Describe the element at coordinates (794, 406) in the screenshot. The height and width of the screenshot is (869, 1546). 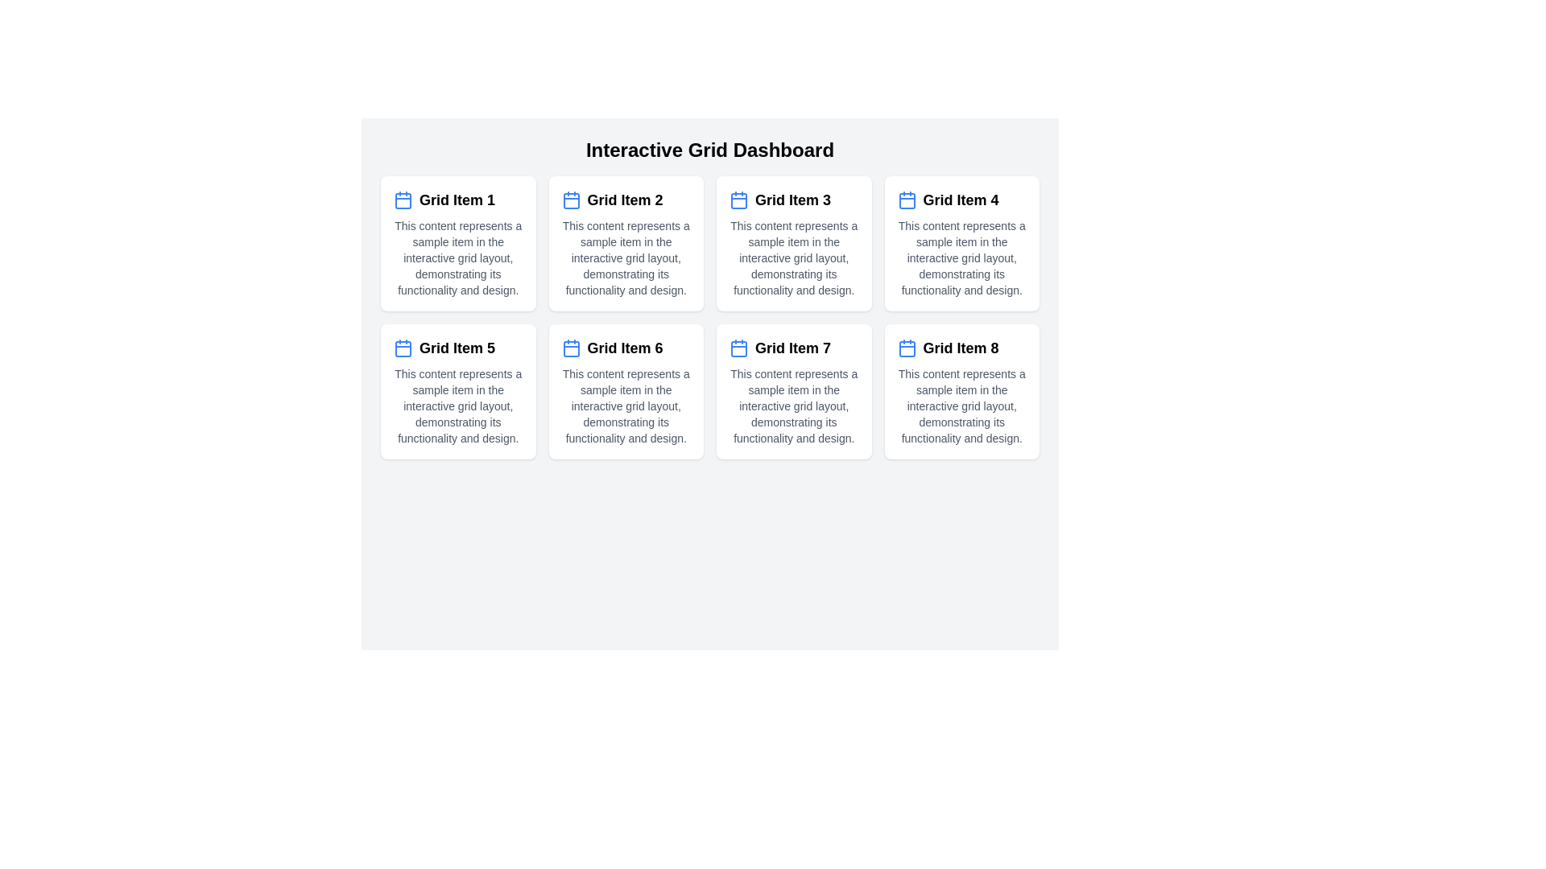
I see `the non-interactive text content element located in the bottom section of the card labeled 'Grid Item 7', which provides detailed information about the item` at that location.